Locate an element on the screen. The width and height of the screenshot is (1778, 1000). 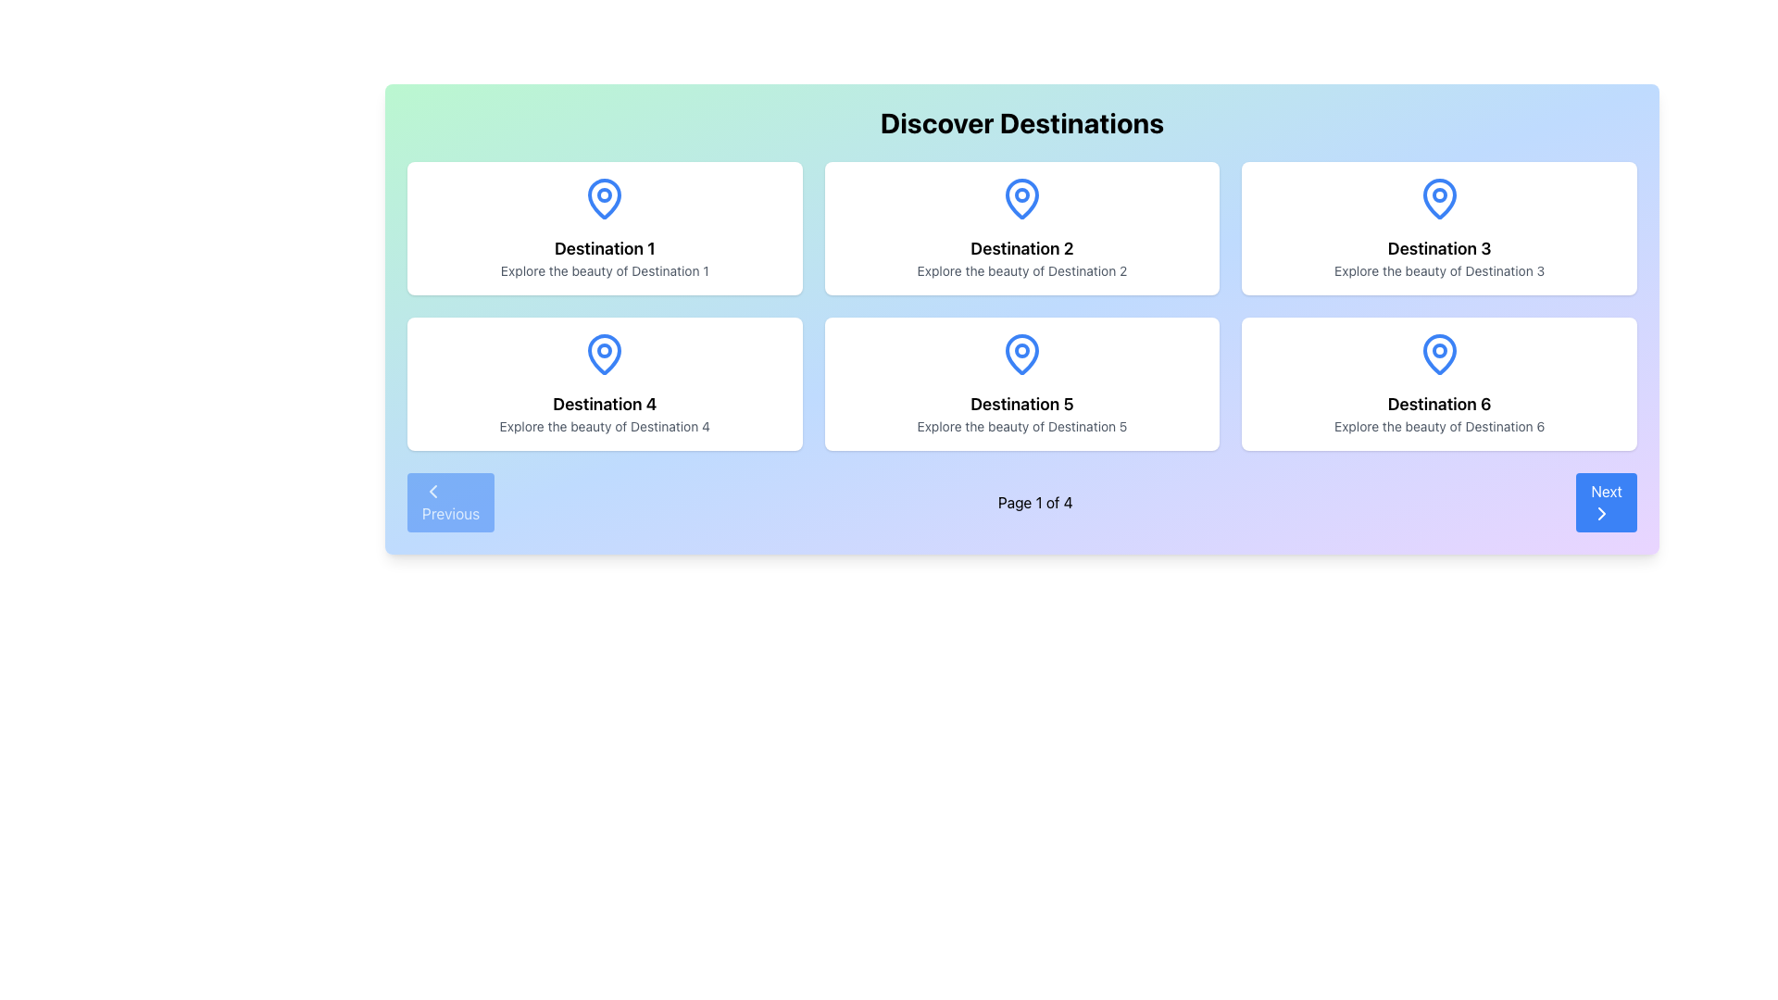
the decorative circular shape of the map pin icon associated with the 'Destination 6' card, located at the bottom-right of the grid is located at coordinates (1438, 350).